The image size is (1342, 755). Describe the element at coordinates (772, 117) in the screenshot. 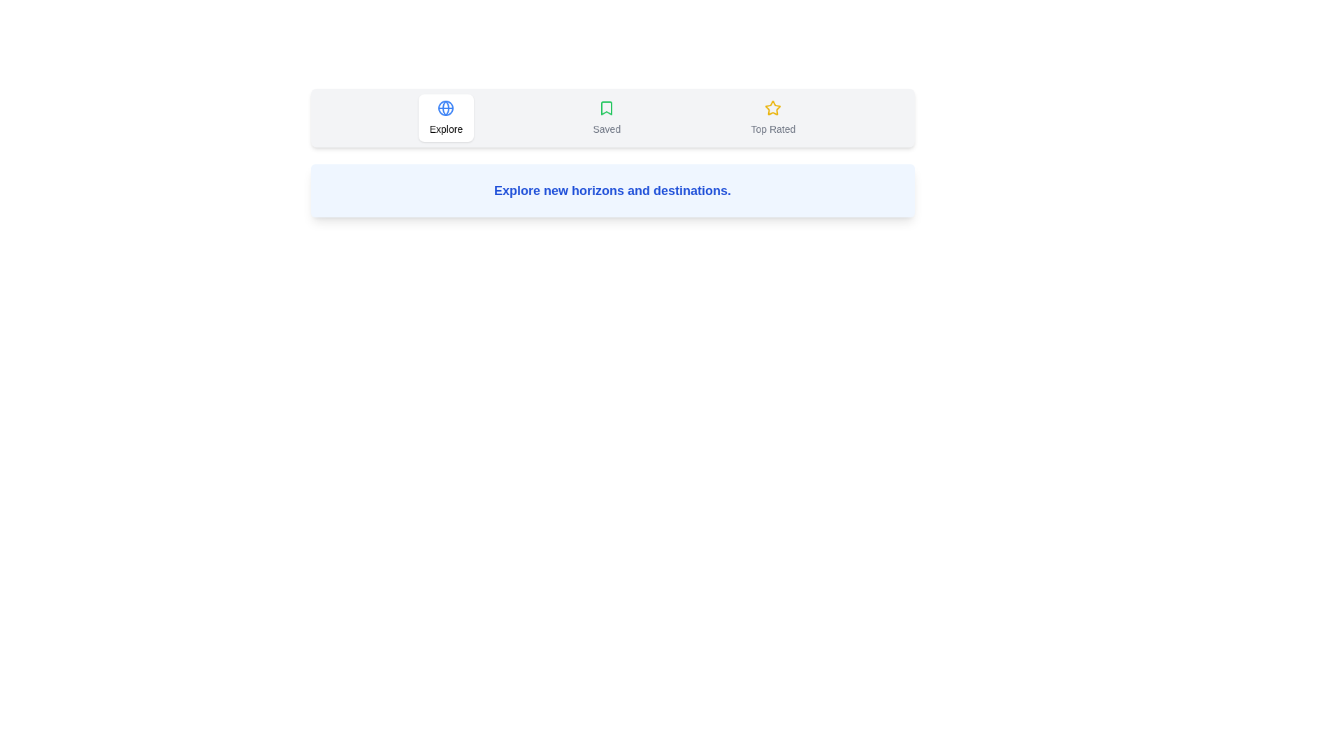

I see `the Top Rated tab` at that location.